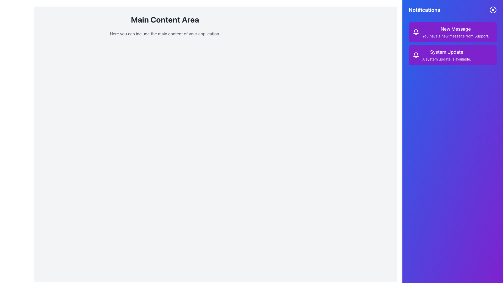  Describe the element at coordinates (416, 32) in the screenshot. I see `the notification bell icon located at the top of the notification panel, positioned to the left of the text 'New Message'` at that location.